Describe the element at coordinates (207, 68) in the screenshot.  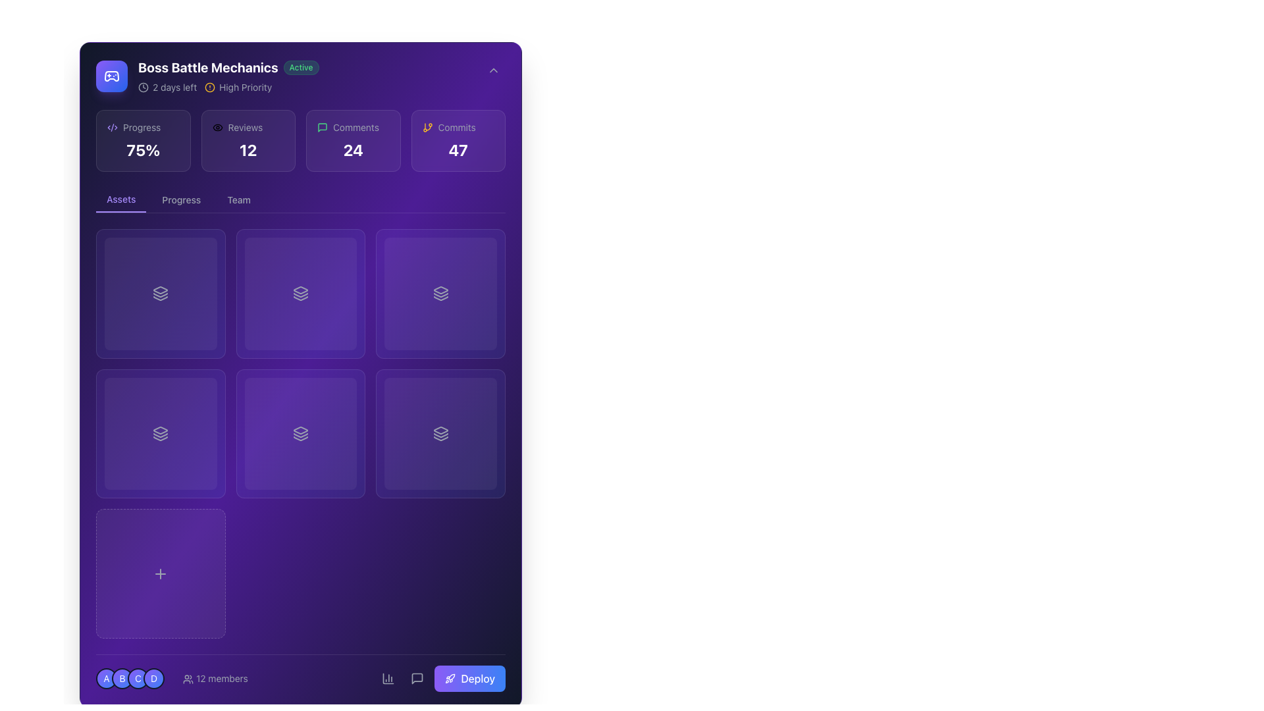
I see `the non-interactive heading element indicating 'Boss Battle Mechanics', located at the top-left section of the interface, positioned between a gaming controller icon and a green 'Active' badge` at that location.